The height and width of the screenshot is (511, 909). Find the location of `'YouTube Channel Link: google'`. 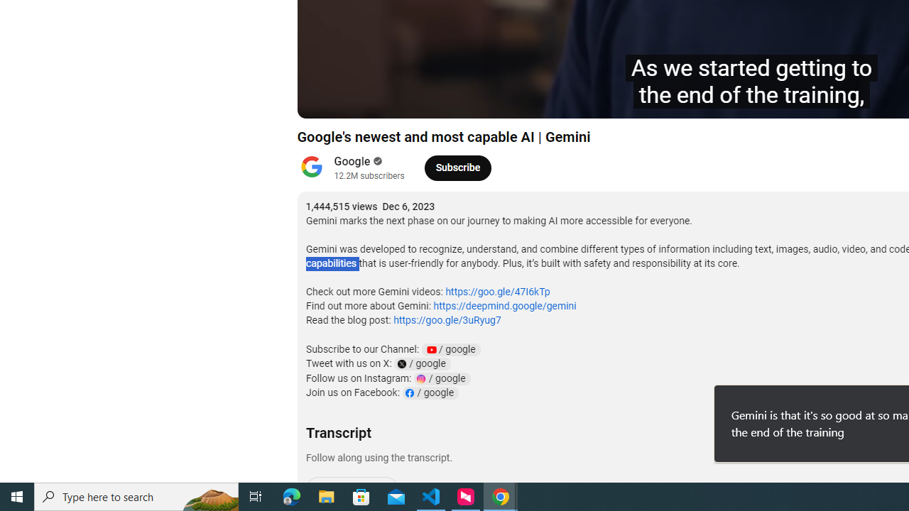

'YouTube Channel Link: google' is located at coordinates (450, 349).